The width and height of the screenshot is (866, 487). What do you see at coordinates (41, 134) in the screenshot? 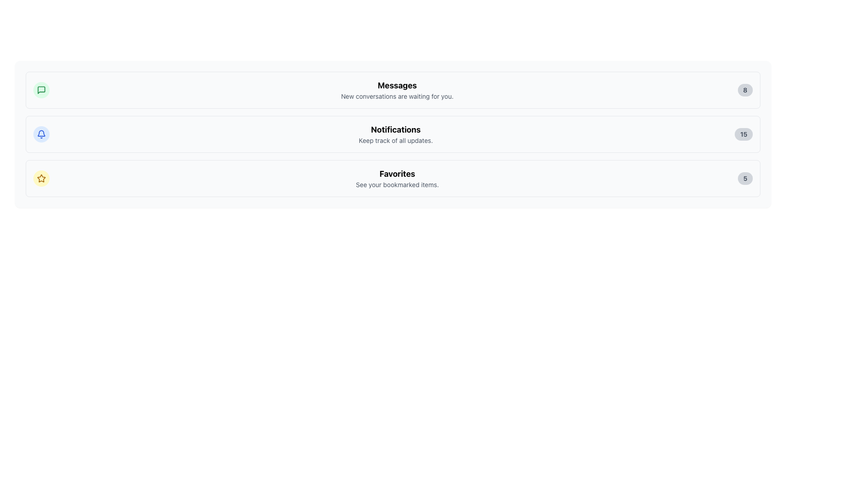
I see `the circular light blue notification icon with a blue bell, positioned to the left of the text 'NotificationsKeep track of all updates.' and above the count '15'` at bounding box center [41, 134].